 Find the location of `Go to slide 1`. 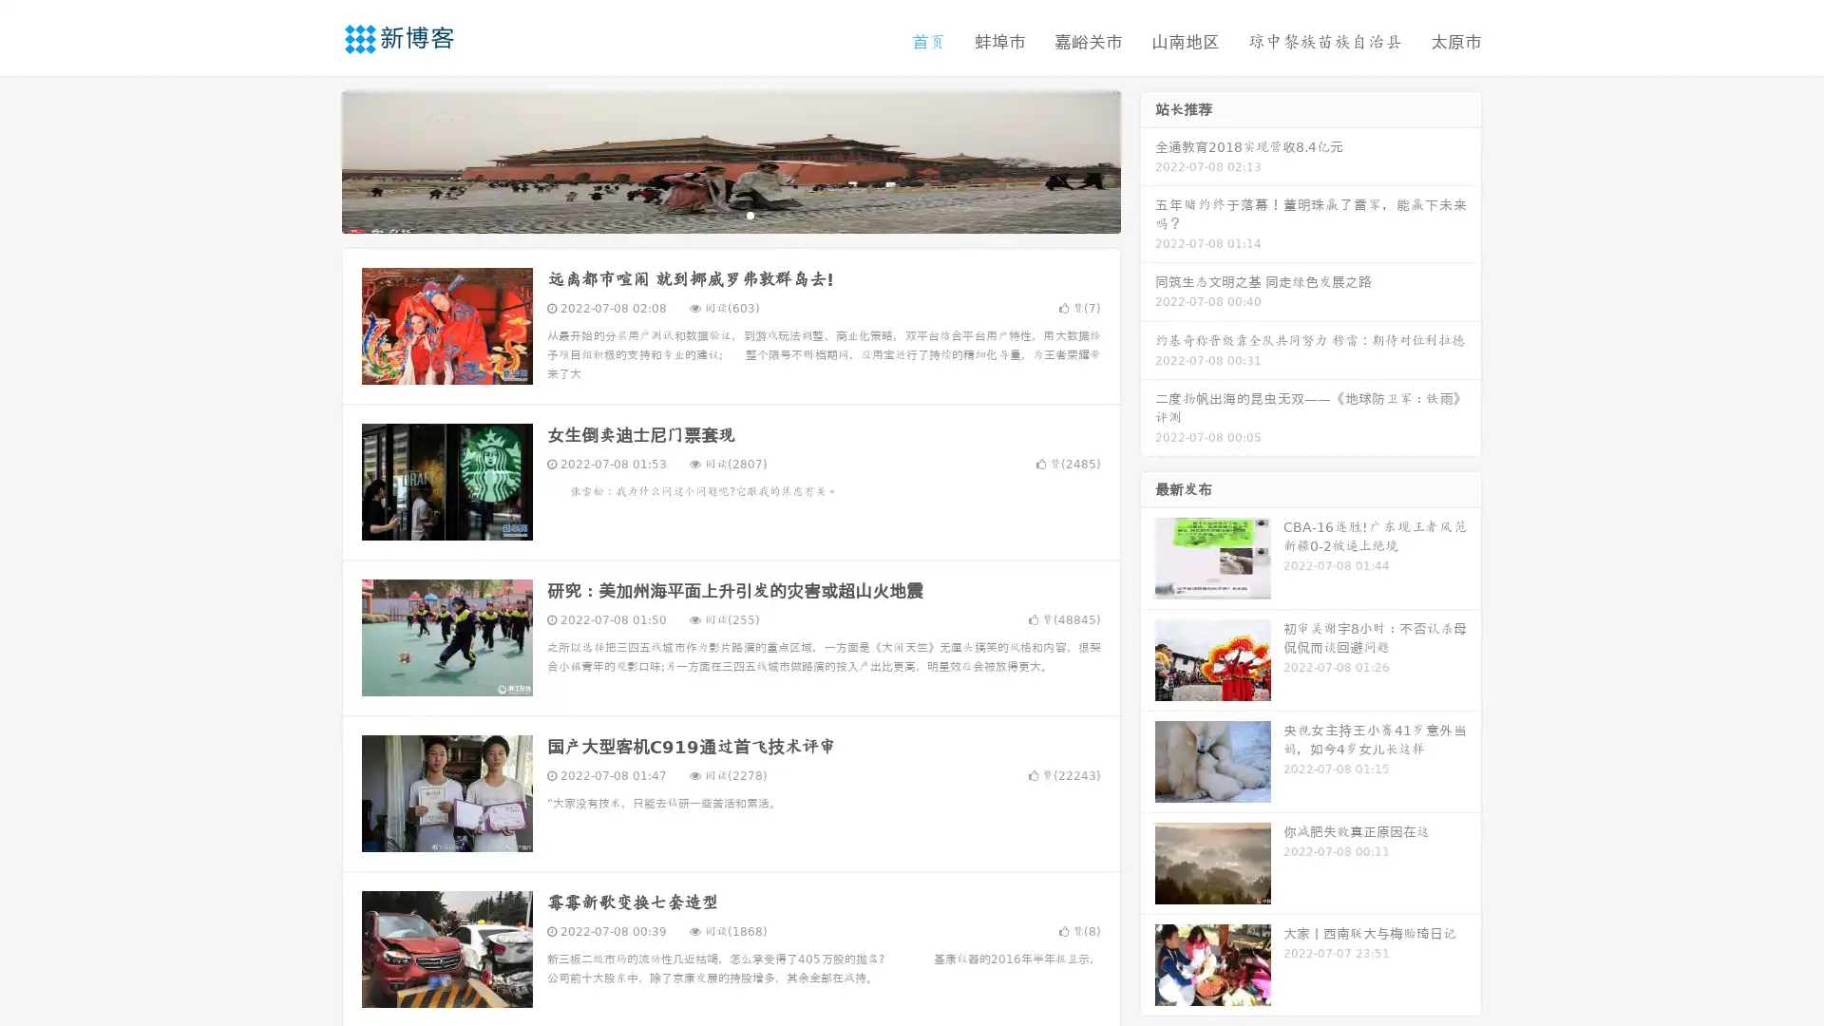

Go to slide 1 is located at coordinates (711, 214).